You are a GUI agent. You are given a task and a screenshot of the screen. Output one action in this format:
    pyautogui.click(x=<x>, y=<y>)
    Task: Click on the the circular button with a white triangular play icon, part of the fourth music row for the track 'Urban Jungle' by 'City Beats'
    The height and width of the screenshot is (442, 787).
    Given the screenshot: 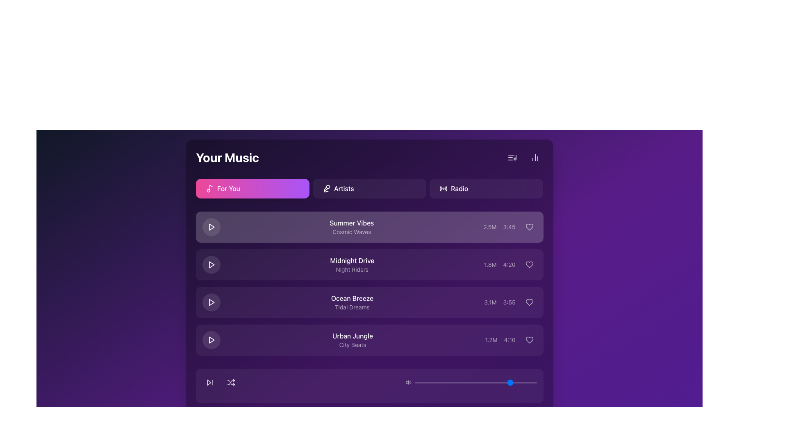 What is the action you would take?
    pyautogui.click(x=211, y=340)
    